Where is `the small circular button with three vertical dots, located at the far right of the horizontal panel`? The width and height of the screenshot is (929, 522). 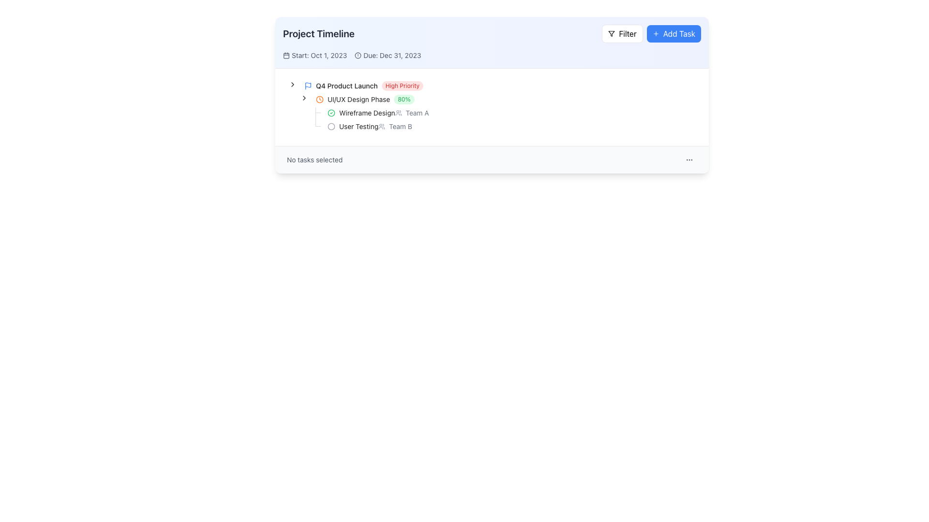
the small circular button with three vertical dots, located at the far right of the horizontal panel is located at coordinates (689, 159).